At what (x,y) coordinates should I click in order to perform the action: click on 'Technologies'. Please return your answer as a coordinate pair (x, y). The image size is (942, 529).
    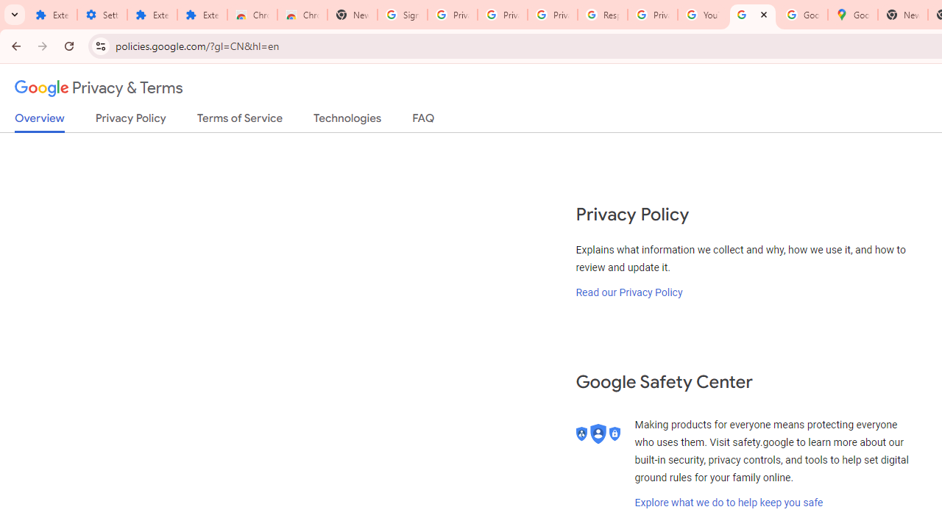
    Looking at the image, I should click on (347, 120).